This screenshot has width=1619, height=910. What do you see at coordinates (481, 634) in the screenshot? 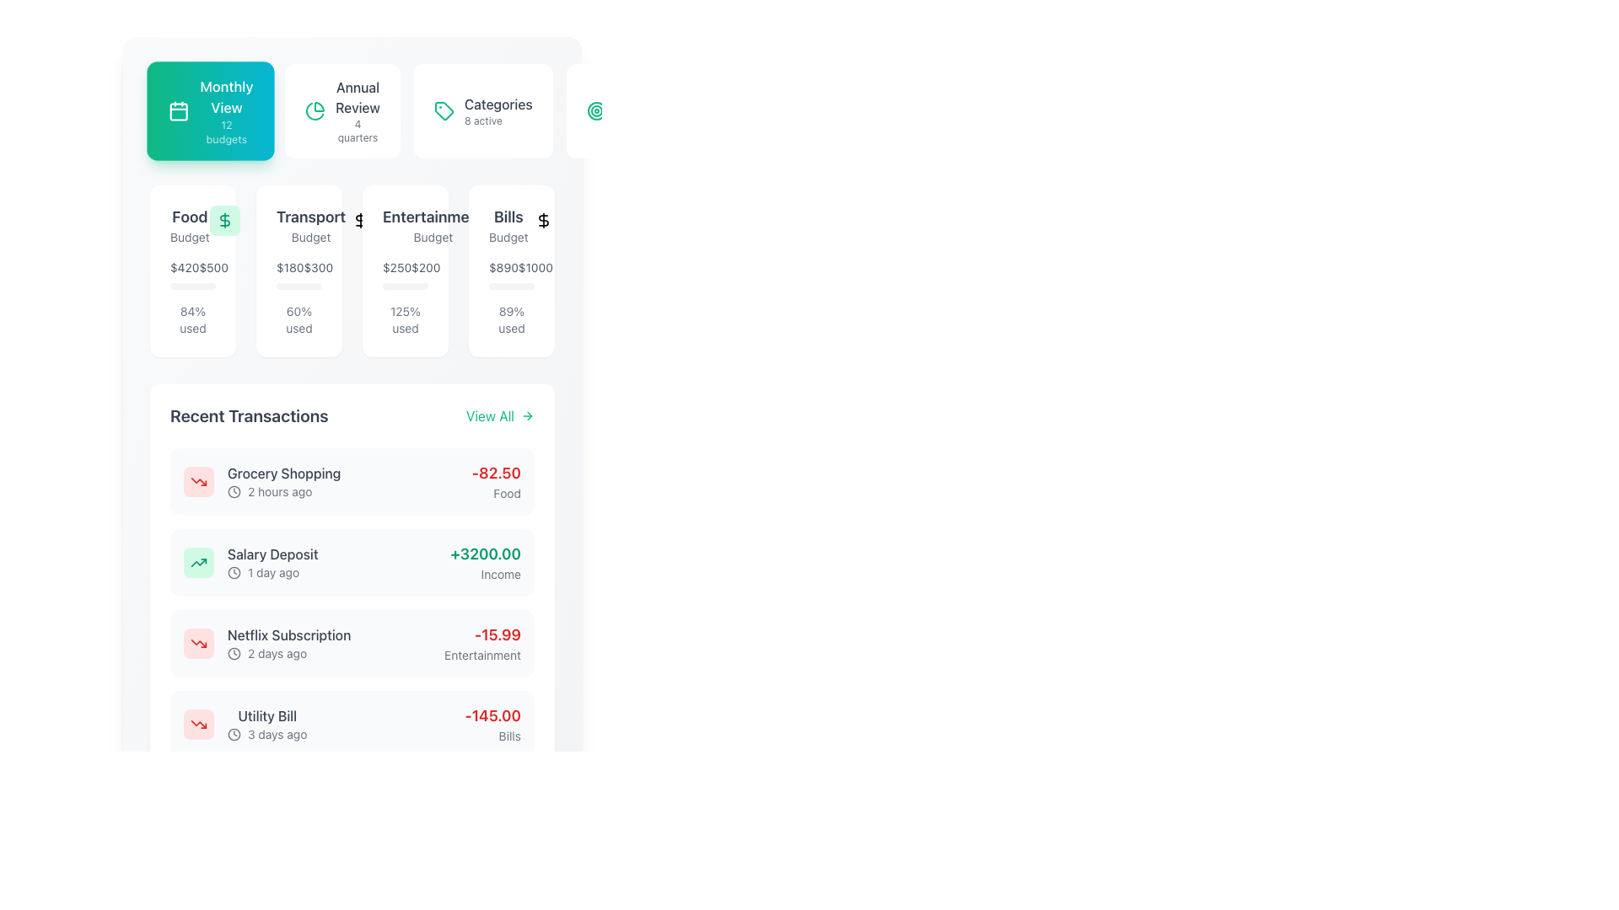
I see `the text label displaying the monetary value for the 'Netflix Subscription' transaction in the 'Recent Transactions' section` at bounding box center [481, 634].